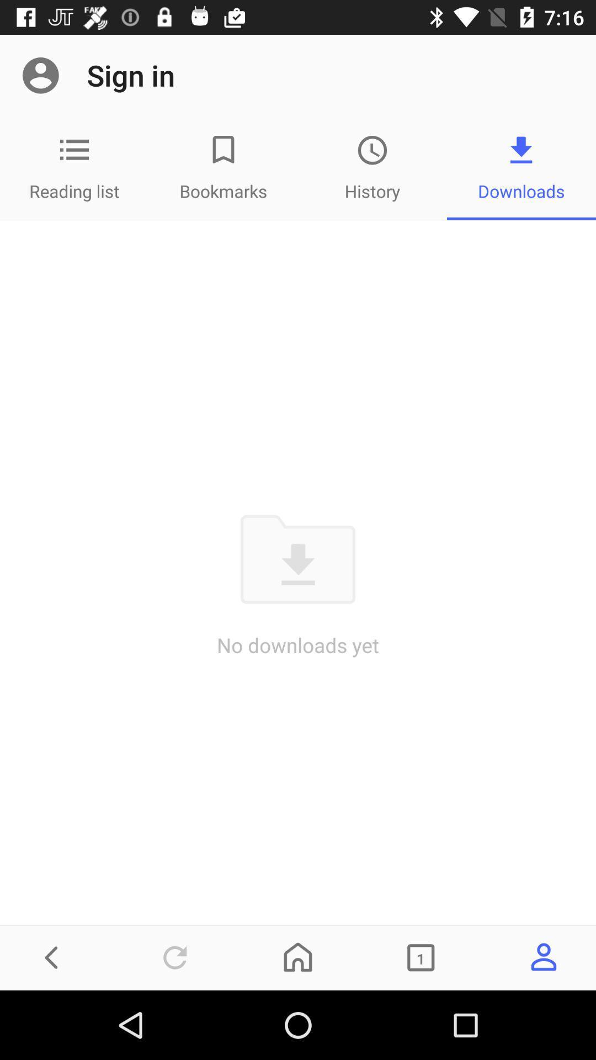 The width and height of the screenshot is (596, 1060). I want to click on the home icon, so click(298, 957).